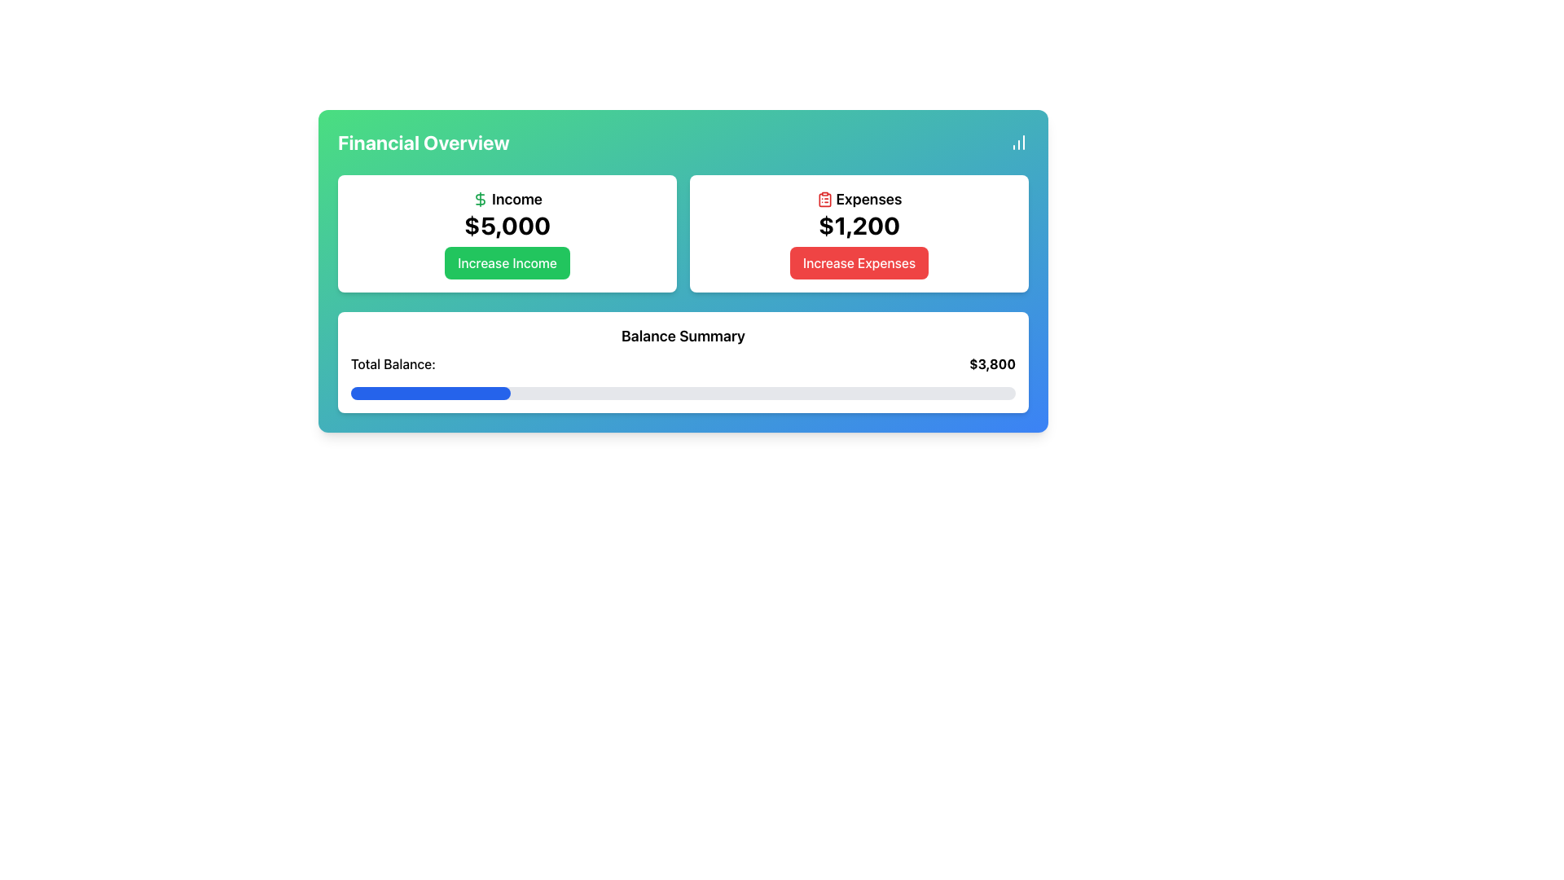  Describe the element at coordinates (1018, 141) in the screenshot. I see `the bar chart icon located in the top-right corner of the 'Financial Overview' component` at that location.